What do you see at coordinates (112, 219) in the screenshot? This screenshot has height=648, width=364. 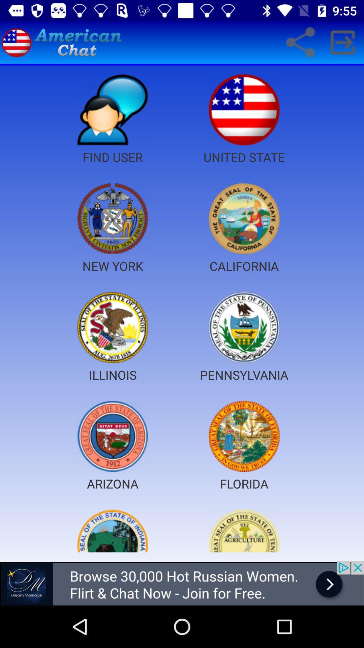 I see `the image above new york` at bounding box center [112, 219].